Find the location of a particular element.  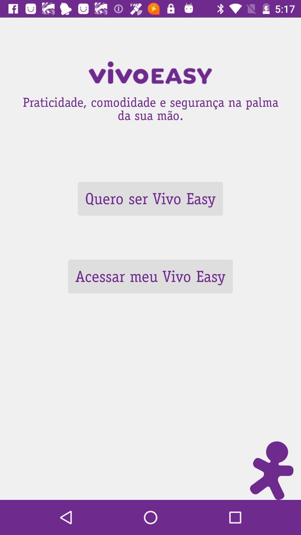

the item below quero ser vivo is located at coordinates (150, 276).